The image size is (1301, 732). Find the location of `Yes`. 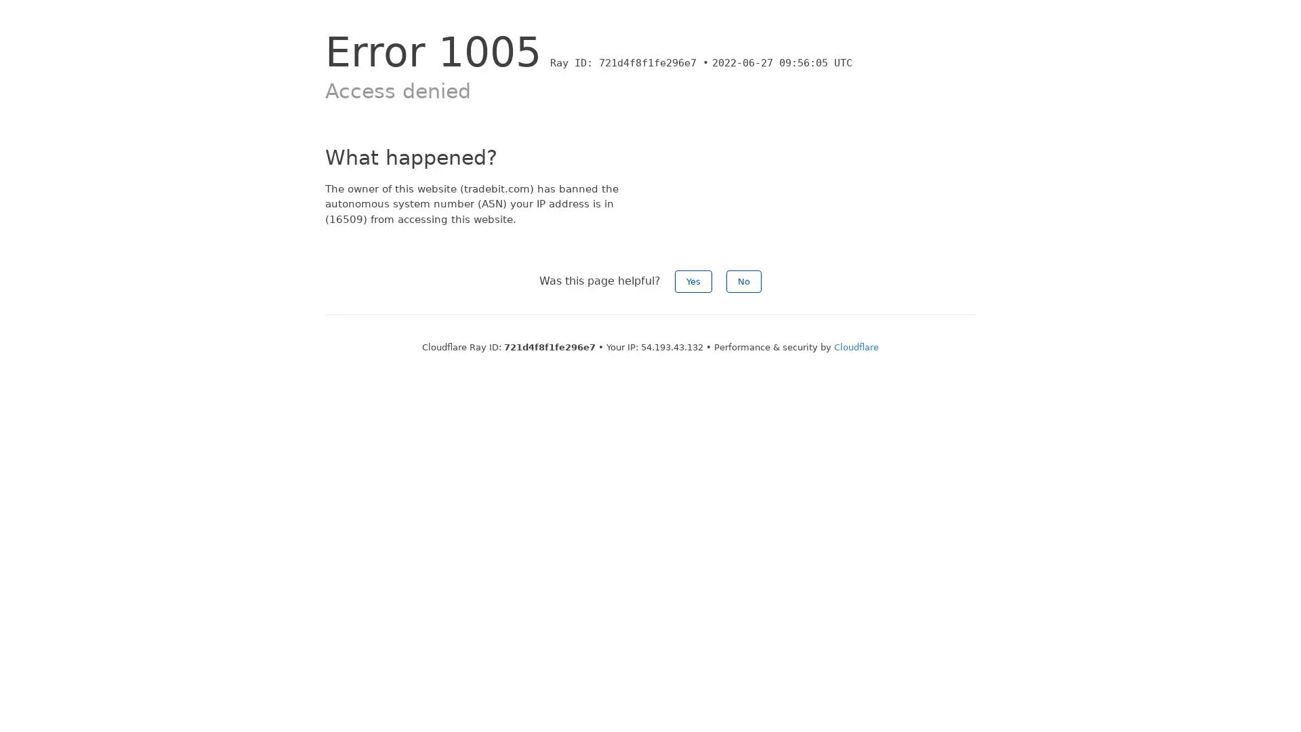

Yes is located at coordinates (693, 281).